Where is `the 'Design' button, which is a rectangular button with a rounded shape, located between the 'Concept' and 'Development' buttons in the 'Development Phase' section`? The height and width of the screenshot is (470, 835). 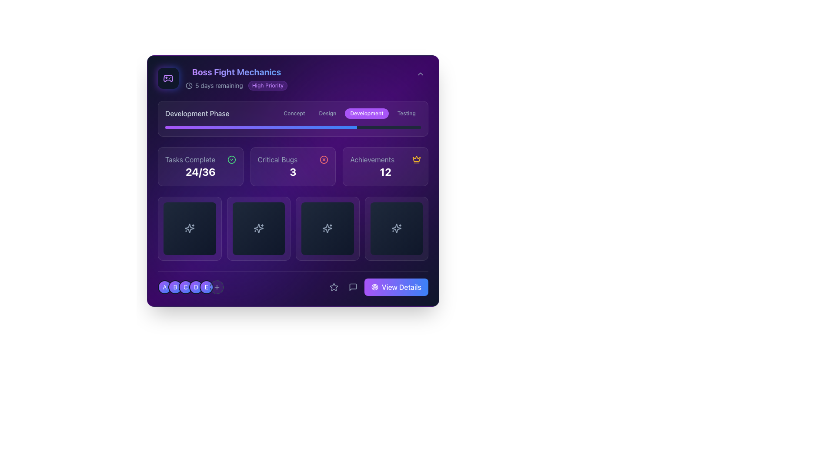 the 'Design' button, which is a rectangular button with a rounded shape, located between the 'Concept' and 'Development' buttons in the 'Development Phase' section is located at coordinates (327, 113).